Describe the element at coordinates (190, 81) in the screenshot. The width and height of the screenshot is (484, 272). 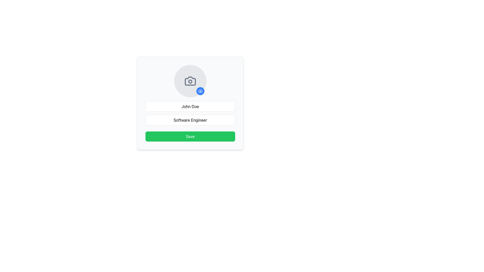
I see `the center of the camera icon located in the upper section of the profile edit card` at that location.